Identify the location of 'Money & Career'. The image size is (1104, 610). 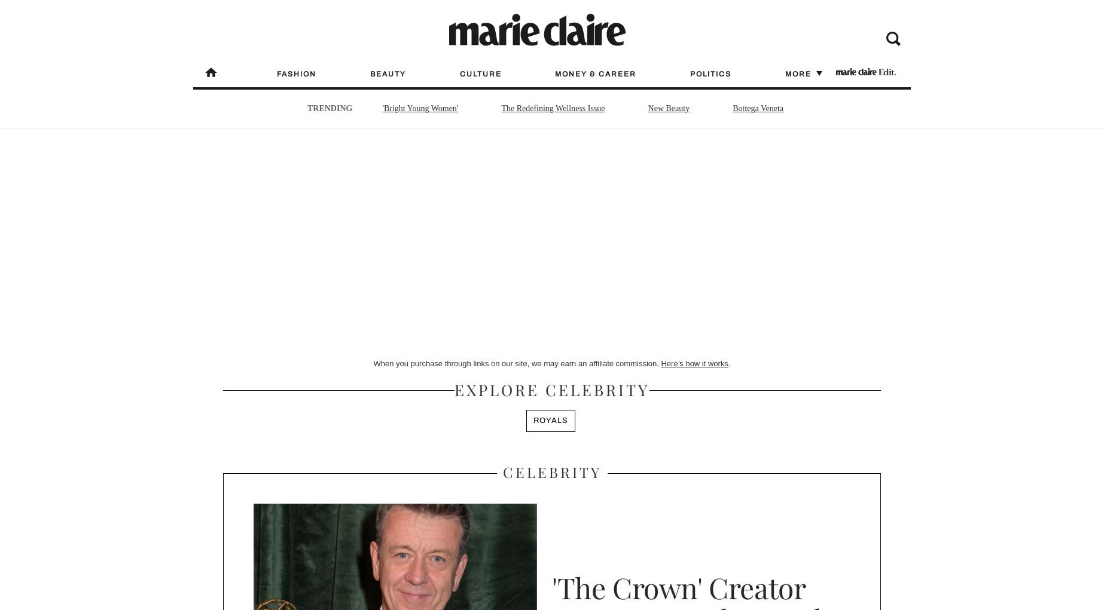
(595, 73).